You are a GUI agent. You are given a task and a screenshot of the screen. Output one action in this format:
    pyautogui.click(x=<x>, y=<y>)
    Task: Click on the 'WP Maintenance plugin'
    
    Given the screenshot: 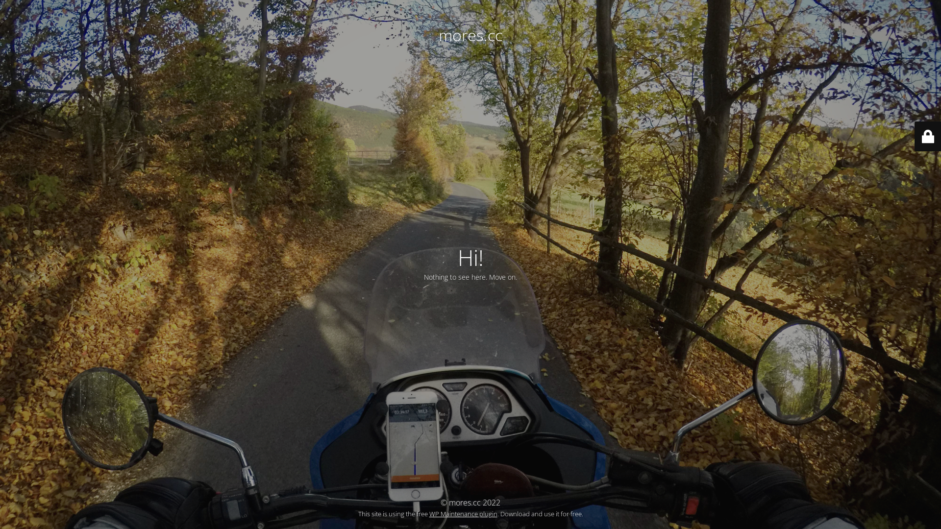 What is the action you would take?
    pyautogui.click(x=463, y=513)
    